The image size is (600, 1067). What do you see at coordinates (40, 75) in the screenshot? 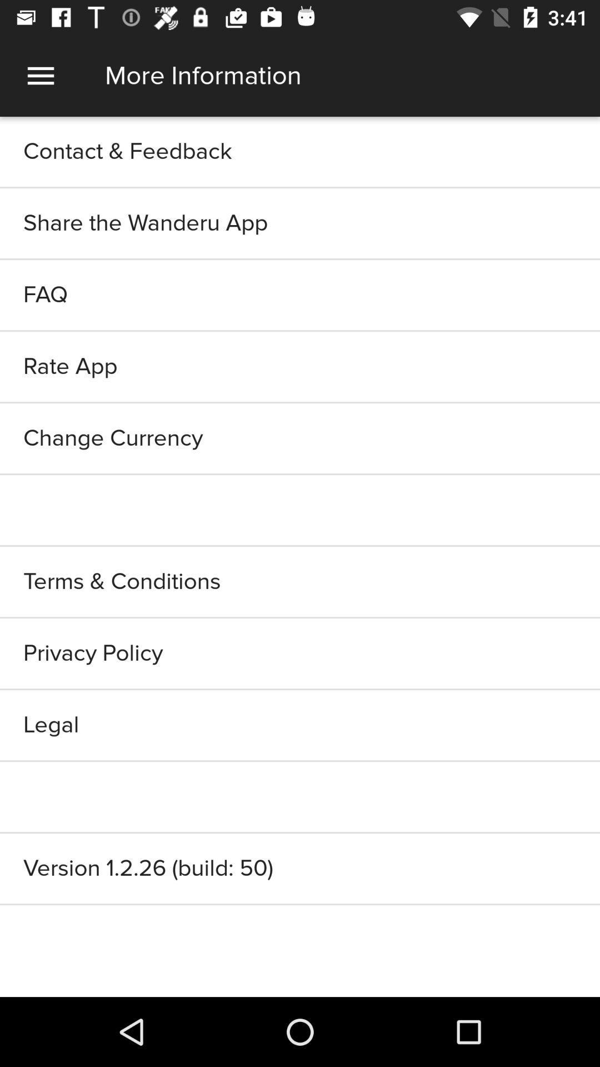
I see `more options` at bounding box center [40, 75].